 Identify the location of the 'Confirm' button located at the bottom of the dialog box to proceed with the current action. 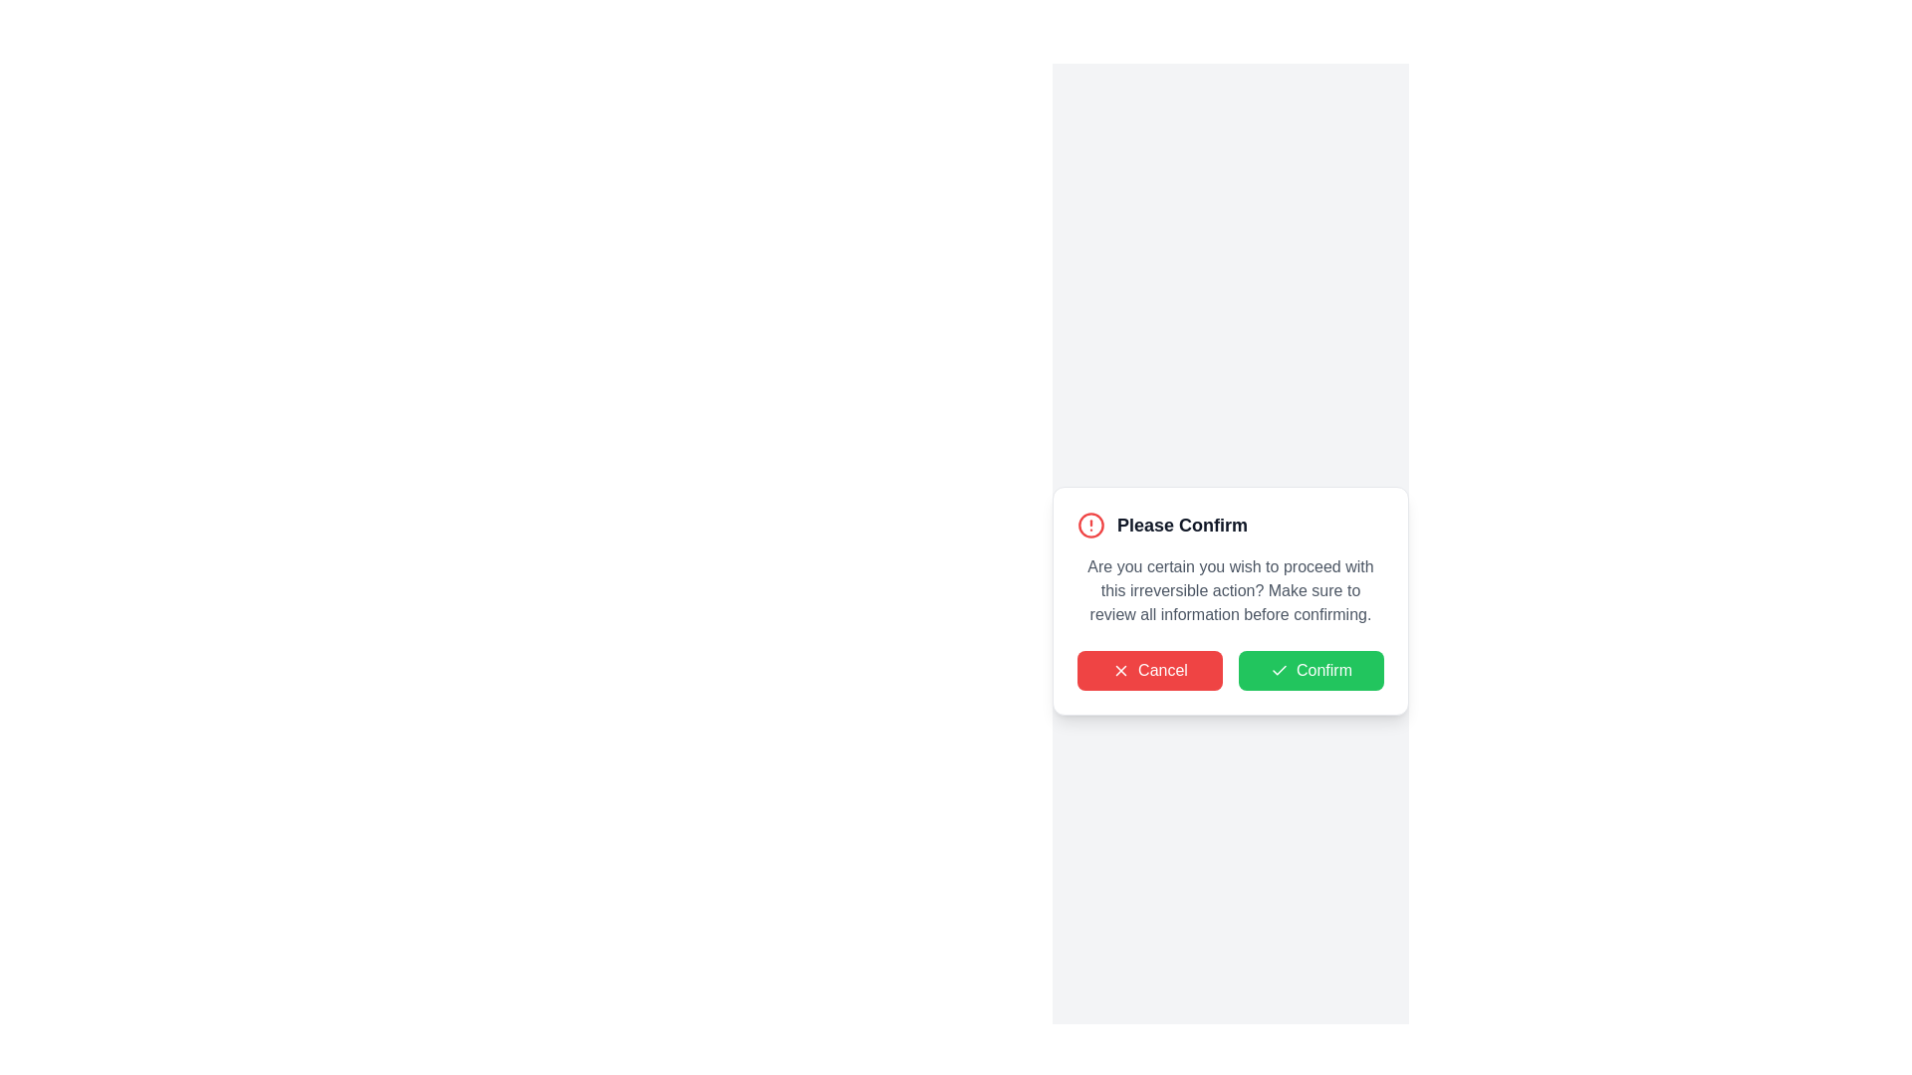
(1230, 671).